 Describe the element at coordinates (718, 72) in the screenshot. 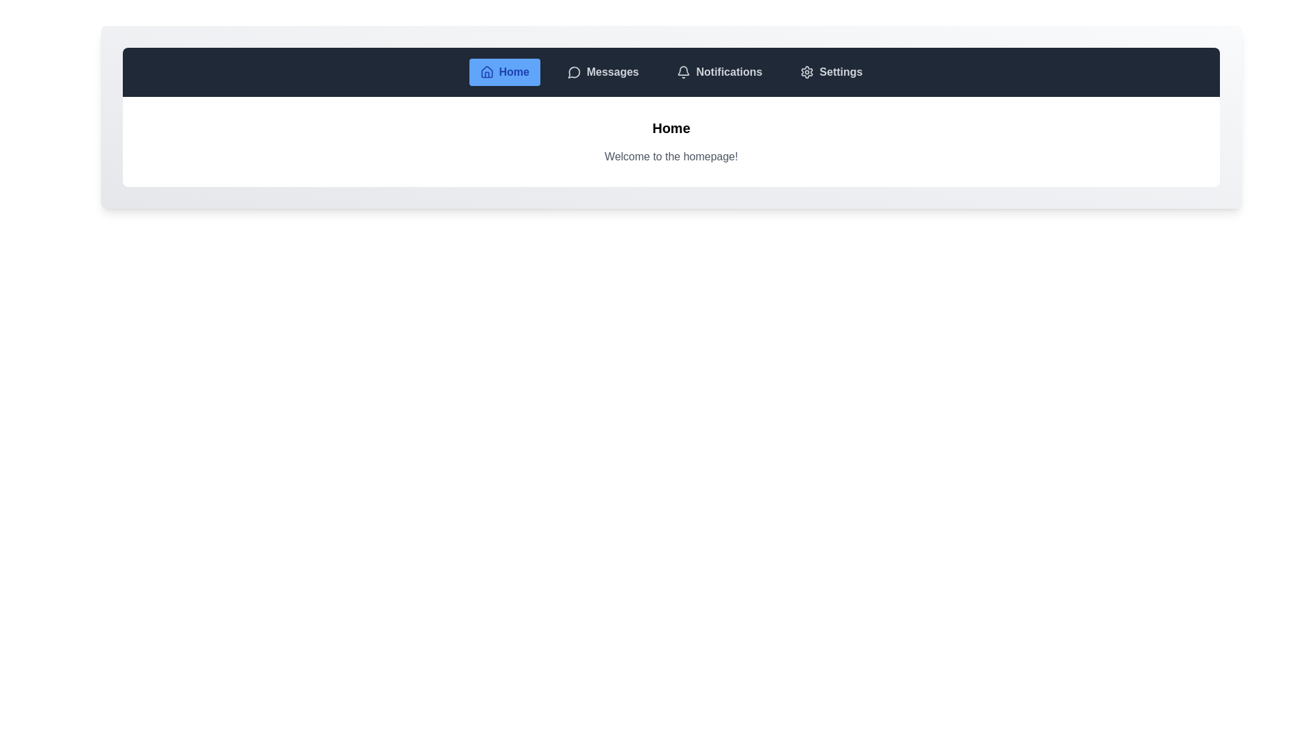

I see `the tab labeled Notifications from the navigation bar` at that location.